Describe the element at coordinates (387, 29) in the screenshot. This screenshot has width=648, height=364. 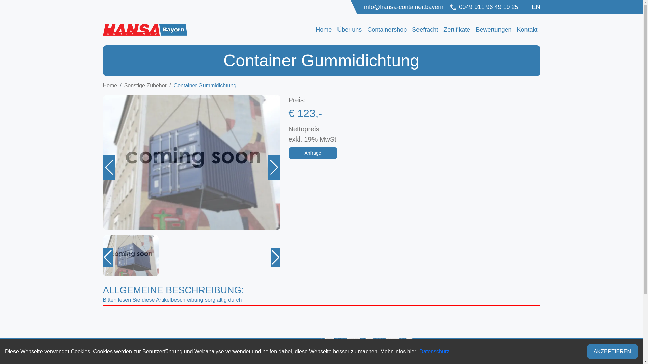
I see `'Containershop'` at that location.